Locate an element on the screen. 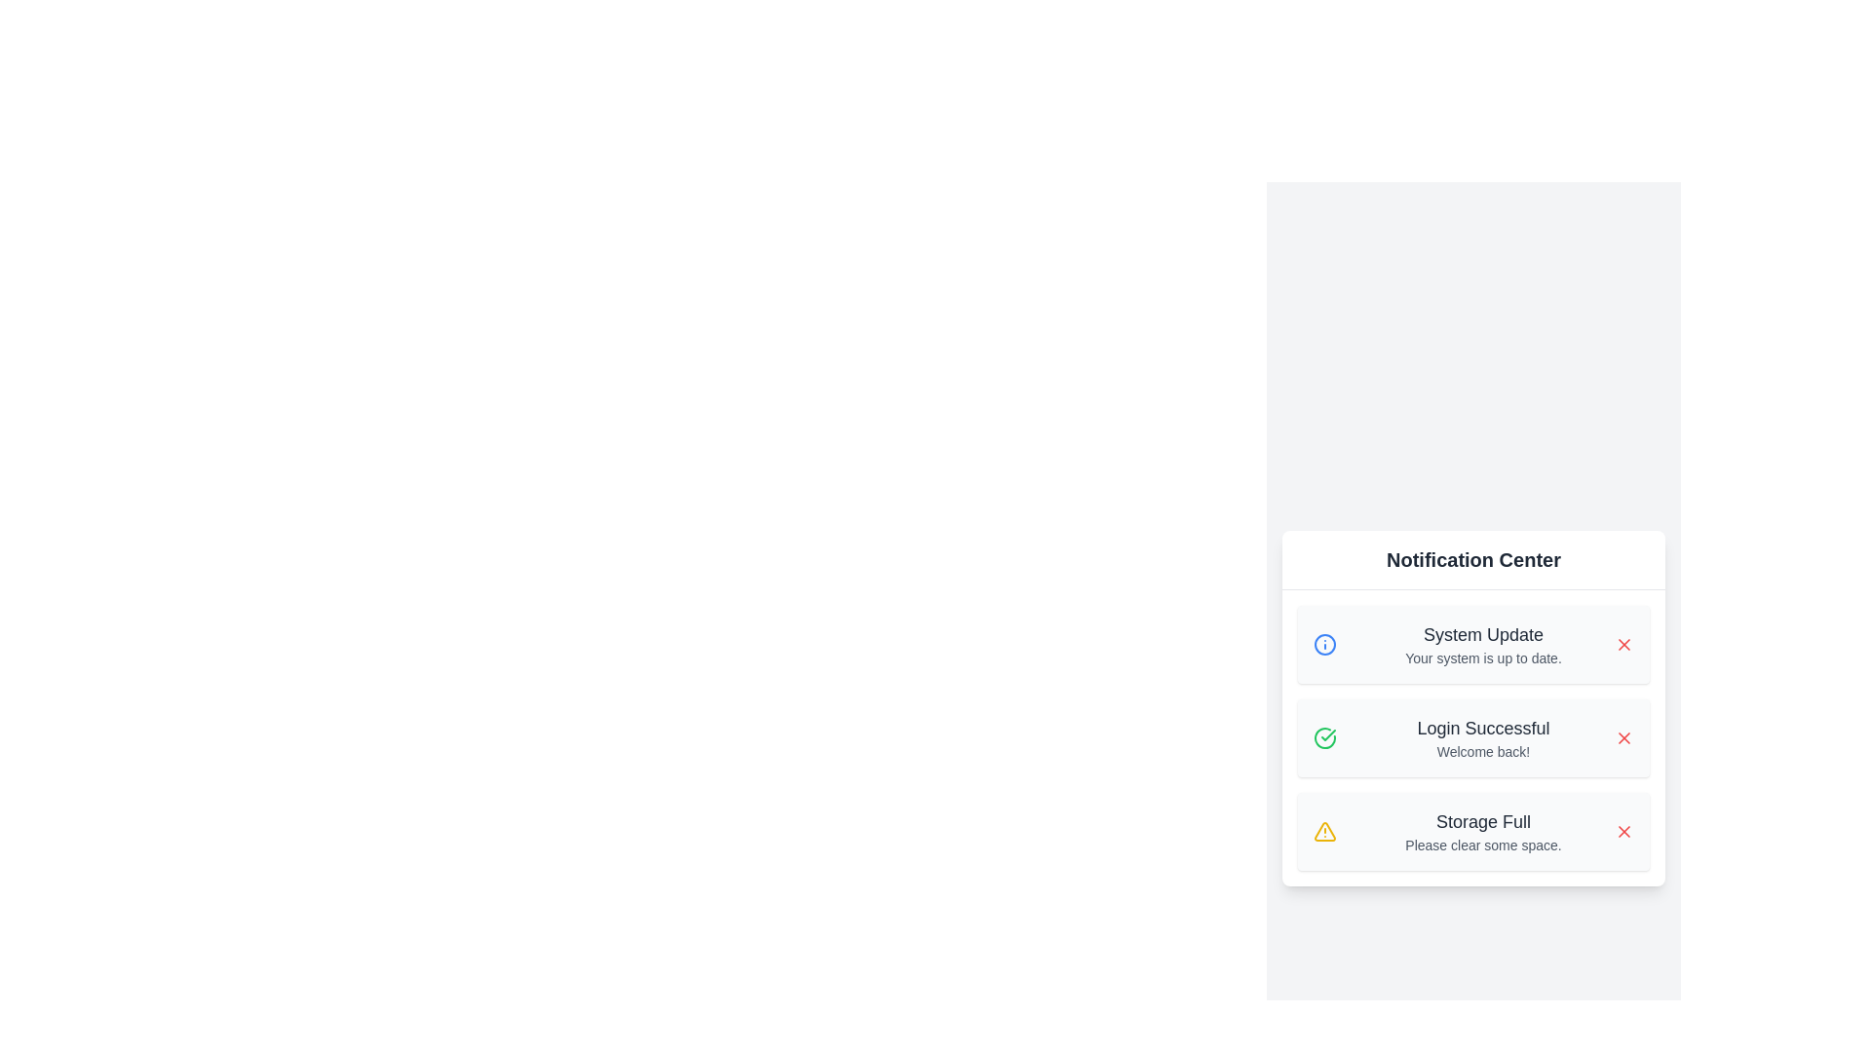 Image resolution: width=1871 pixels, height=1052 pixels. the presence of the blue circular icon with an 'i' symbol inside, located at the top left corner of the notification card displaying 'System Update' is located at coordinates (1332, 644).